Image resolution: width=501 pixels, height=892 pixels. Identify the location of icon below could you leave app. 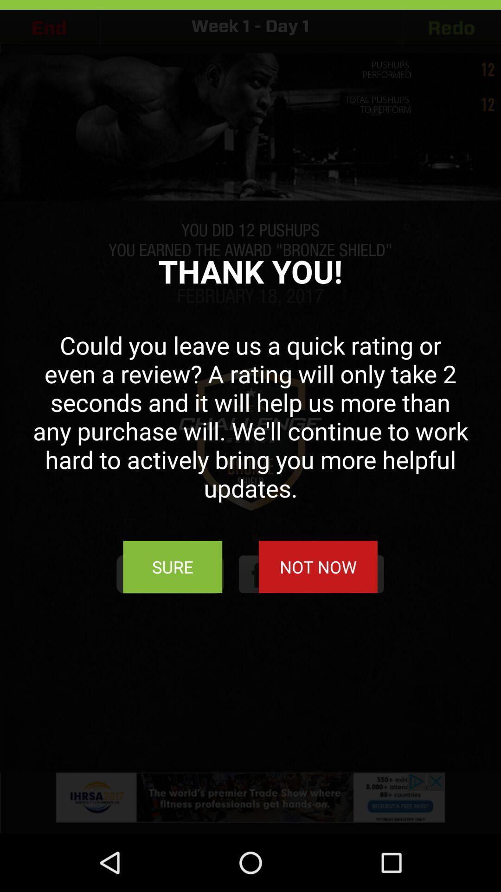
(317, 566).